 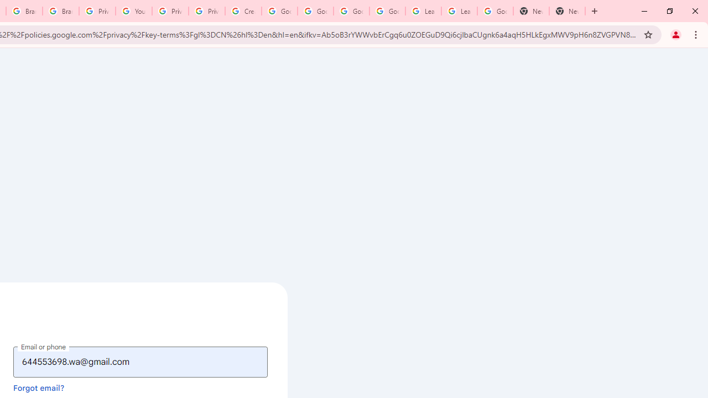 What do you see at coordinates (140, 362) in the screenshot?
I see `'Email or phone'` at bounding box center [140, 362].